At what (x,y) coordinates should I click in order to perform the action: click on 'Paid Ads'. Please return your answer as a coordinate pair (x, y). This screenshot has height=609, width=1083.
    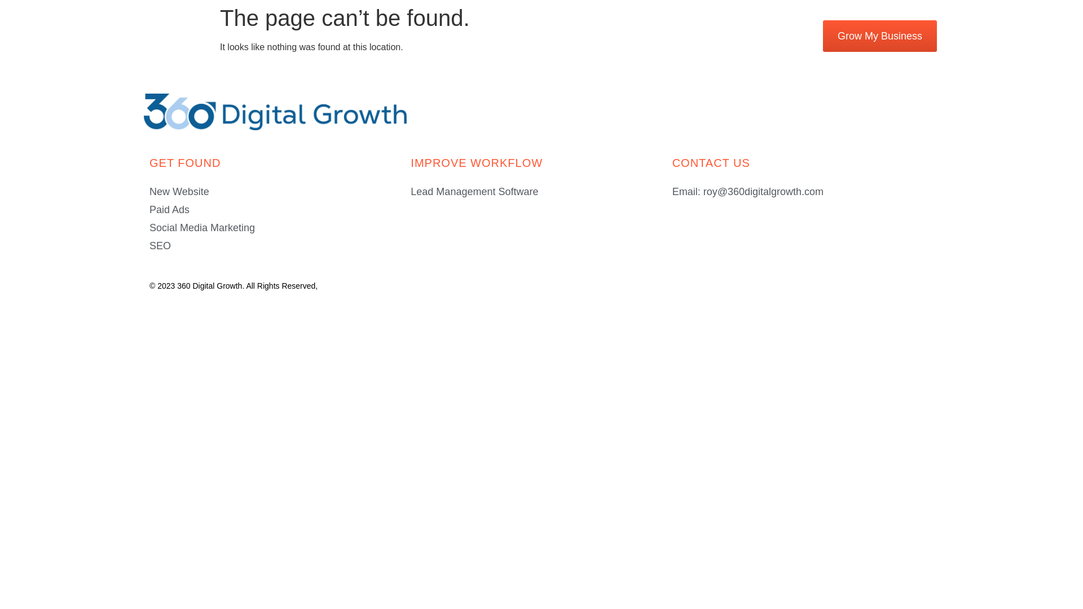
    Looking at the image, I should click on (280, 210).